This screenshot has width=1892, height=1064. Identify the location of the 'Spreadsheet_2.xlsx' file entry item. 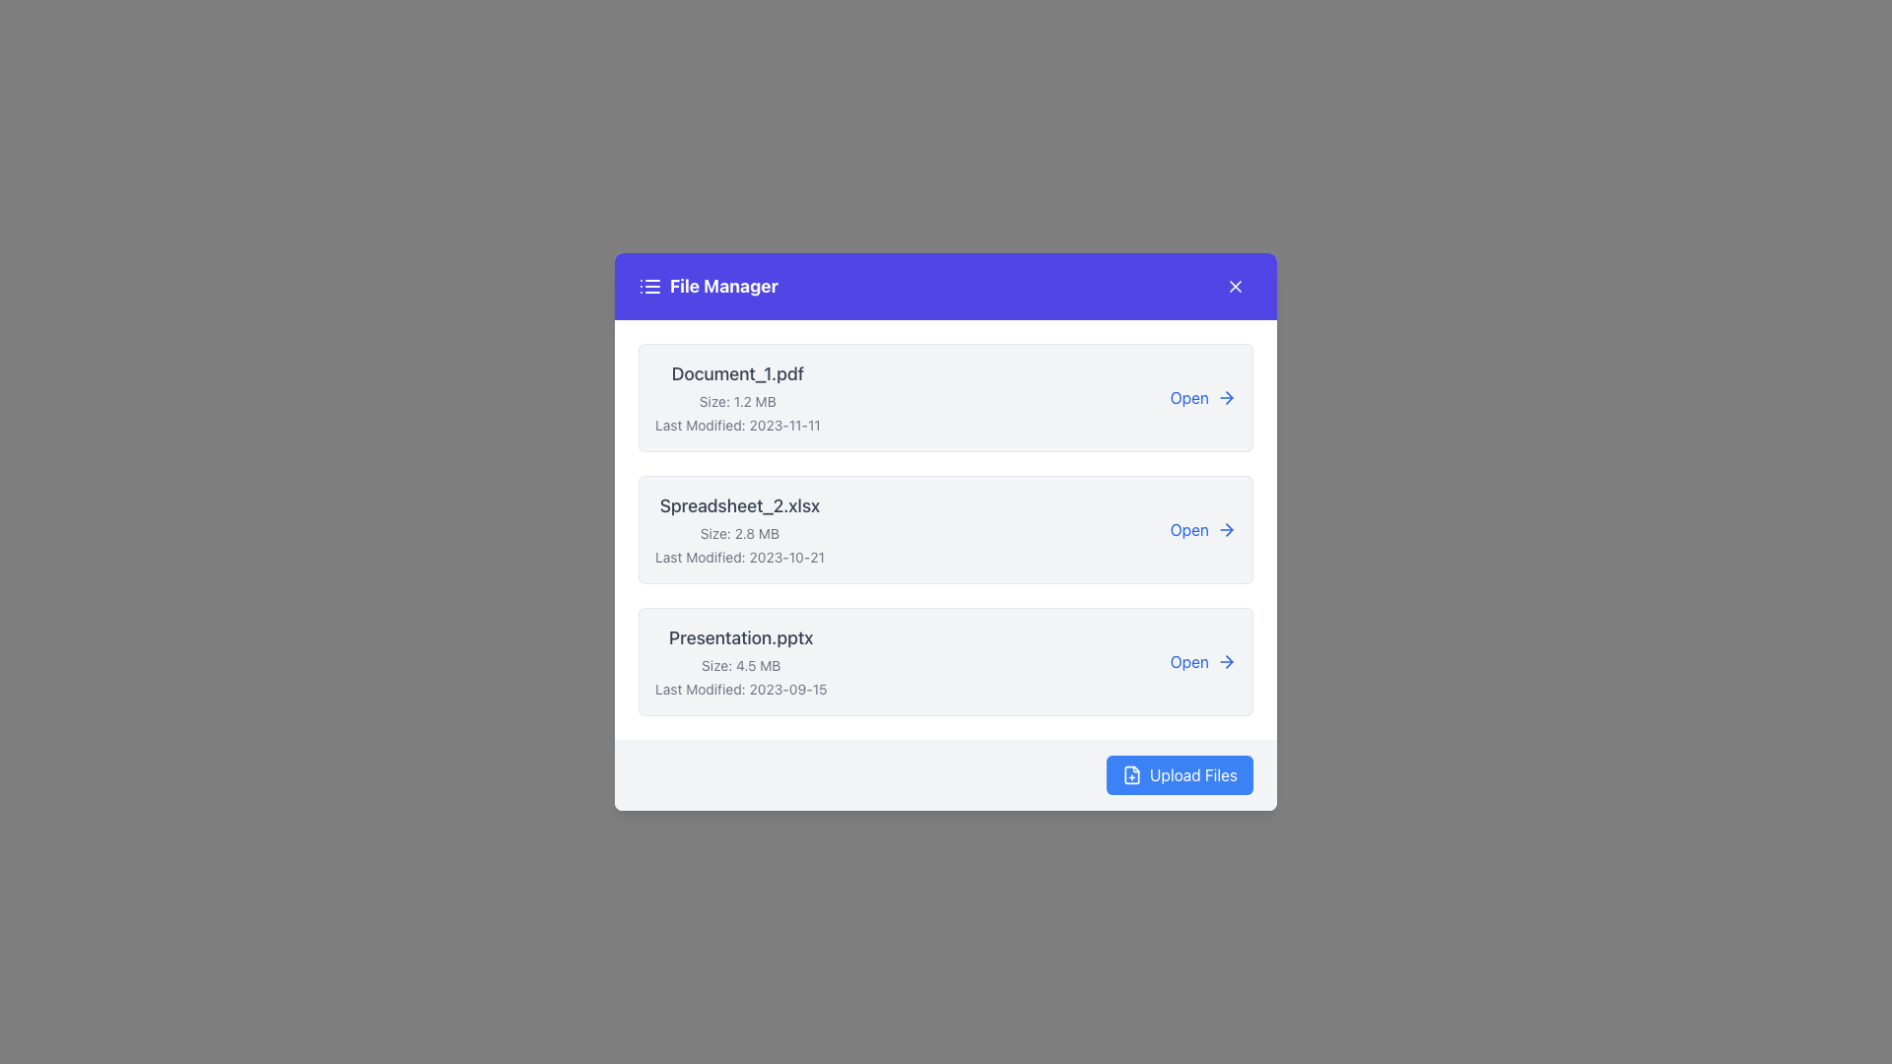
(946, 528).